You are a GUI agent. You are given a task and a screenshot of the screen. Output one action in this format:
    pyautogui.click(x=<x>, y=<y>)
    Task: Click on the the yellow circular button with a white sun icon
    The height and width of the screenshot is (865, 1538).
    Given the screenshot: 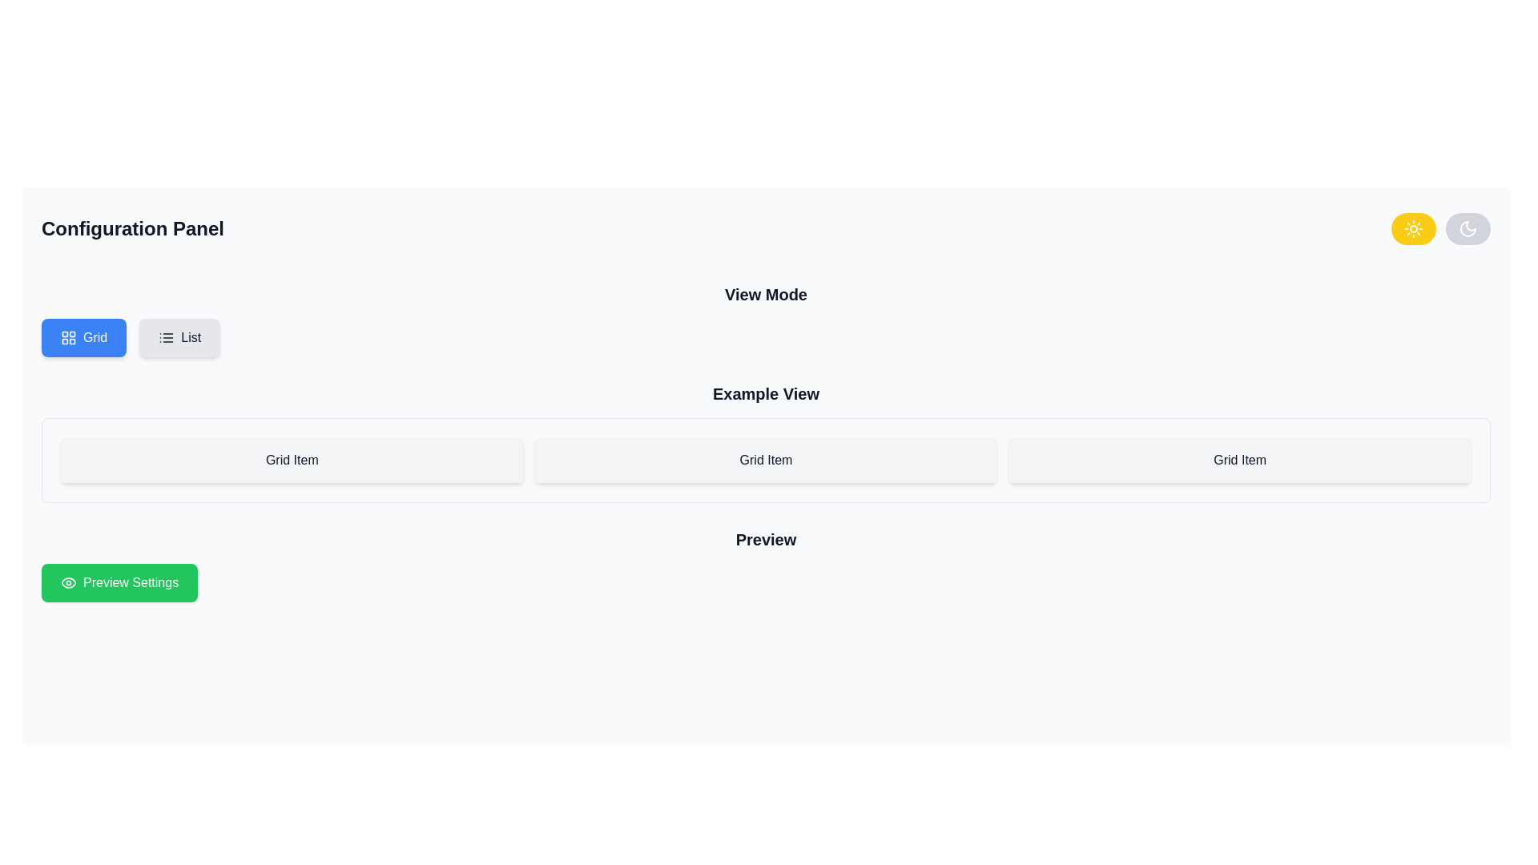 What is the action you would take?
    pyautogui.click(x=1414, y=228)
    